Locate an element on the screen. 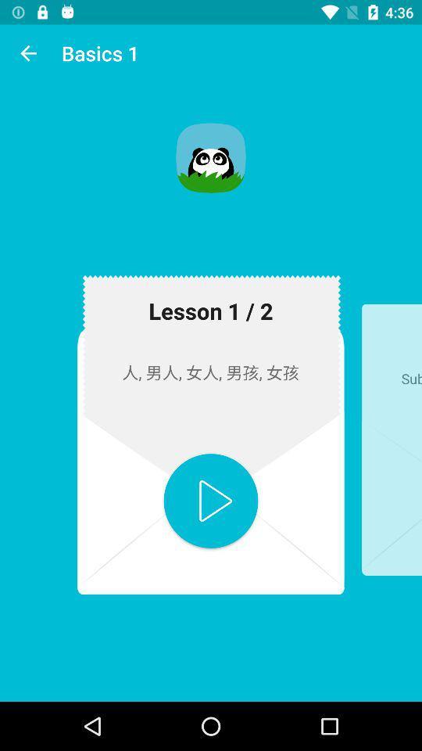  basics pages is located at coordinates (211, 500).